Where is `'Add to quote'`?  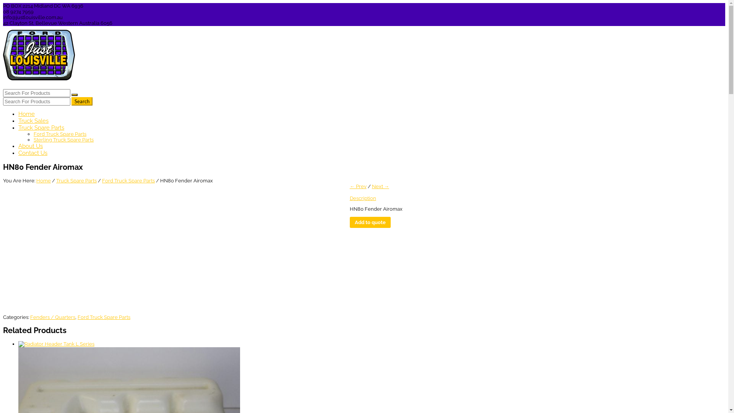
'Add to quote' is located at coordinates (370, 222).